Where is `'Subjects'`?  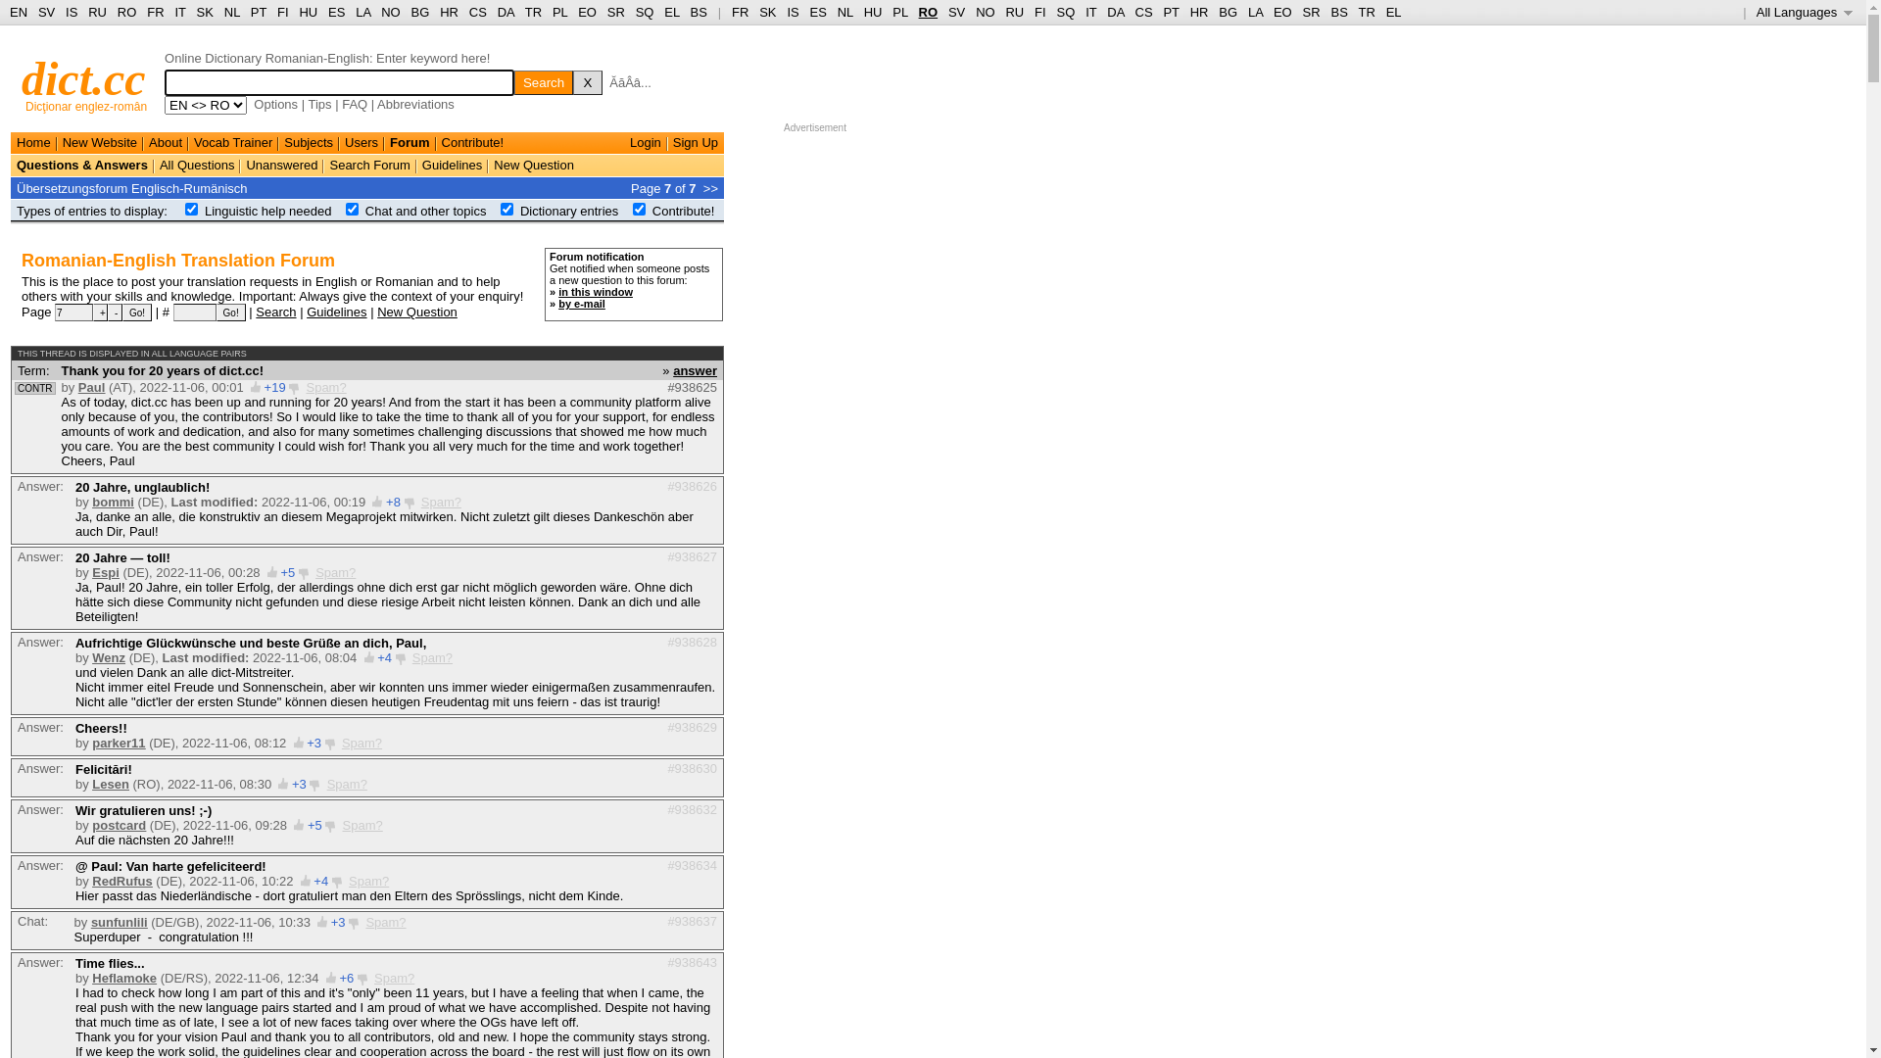
'Subjects' is located at coordinates (308, 141).